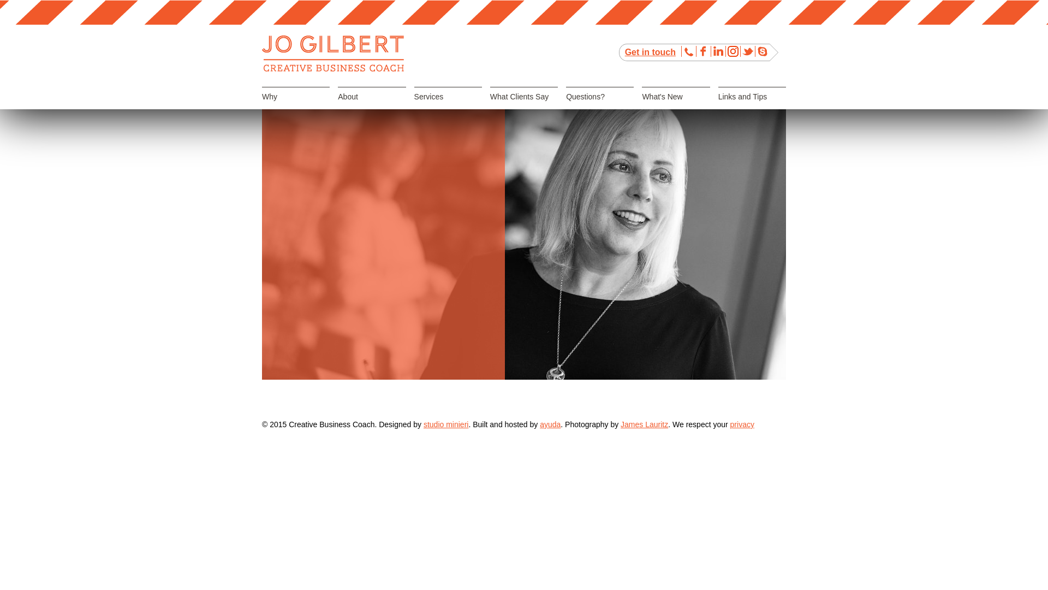 The image size is (1048, 590). What do you see at coordinates (524, 107) in the screenshot?
I see `'What Clients Say'` at bounding box center [524, 107].